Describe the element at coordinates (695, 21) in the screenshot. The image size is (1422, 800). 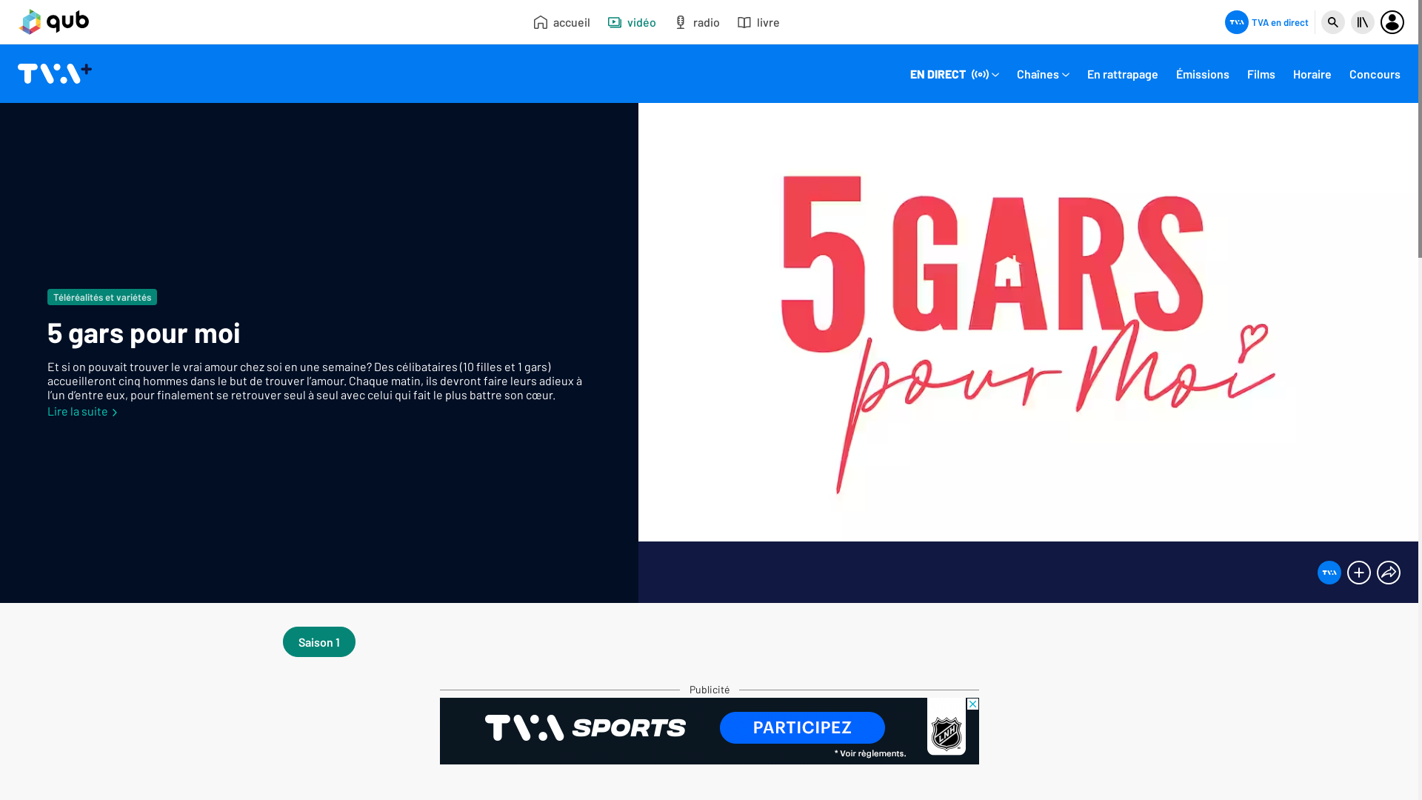
I see `'radio'` at that location.